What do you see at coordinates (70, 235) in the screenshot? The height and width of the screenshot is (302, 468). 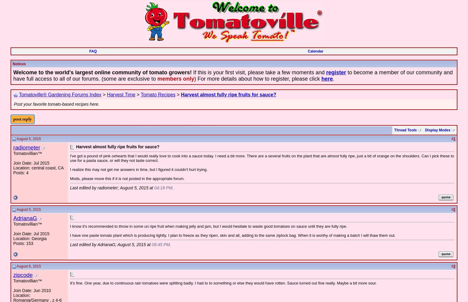 I see `'I have one paste tomato plant which is producing lightly.  I plan to freeze as they ripen, skin and all, adding to the same ziplock bag.  When it is worthy of making a batch I will thaw them out.'` at bounding box center [70, 235].